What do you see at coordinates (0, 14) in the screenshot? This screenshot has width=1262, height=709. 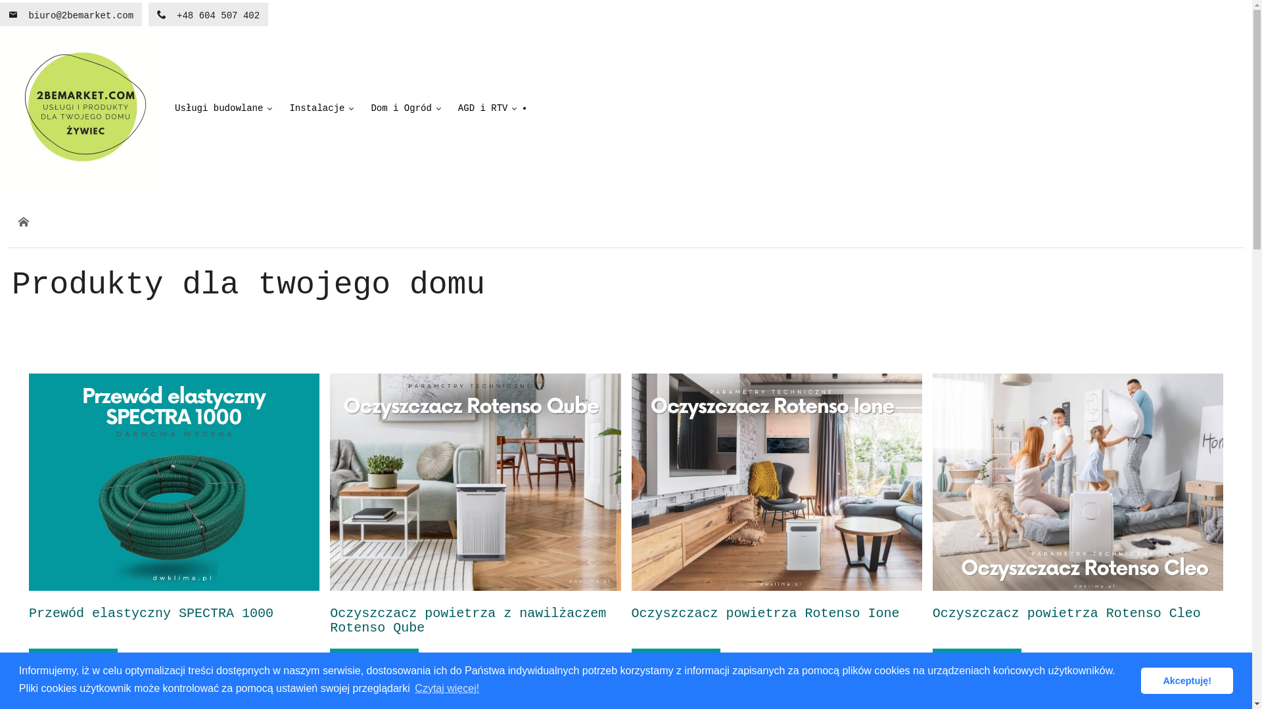 I see `'biuro@2bemarket.com'` at bounding box center [0, 14].